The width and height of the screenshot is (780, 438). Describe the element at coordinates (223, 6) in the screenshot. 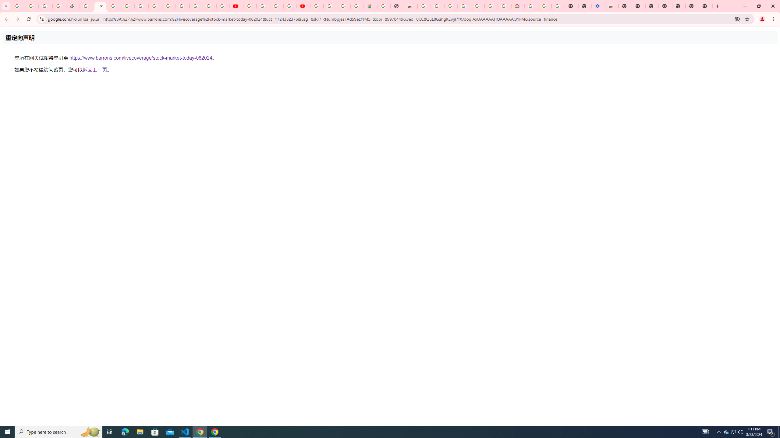

I see `'Privacy Checkup'` at that location.